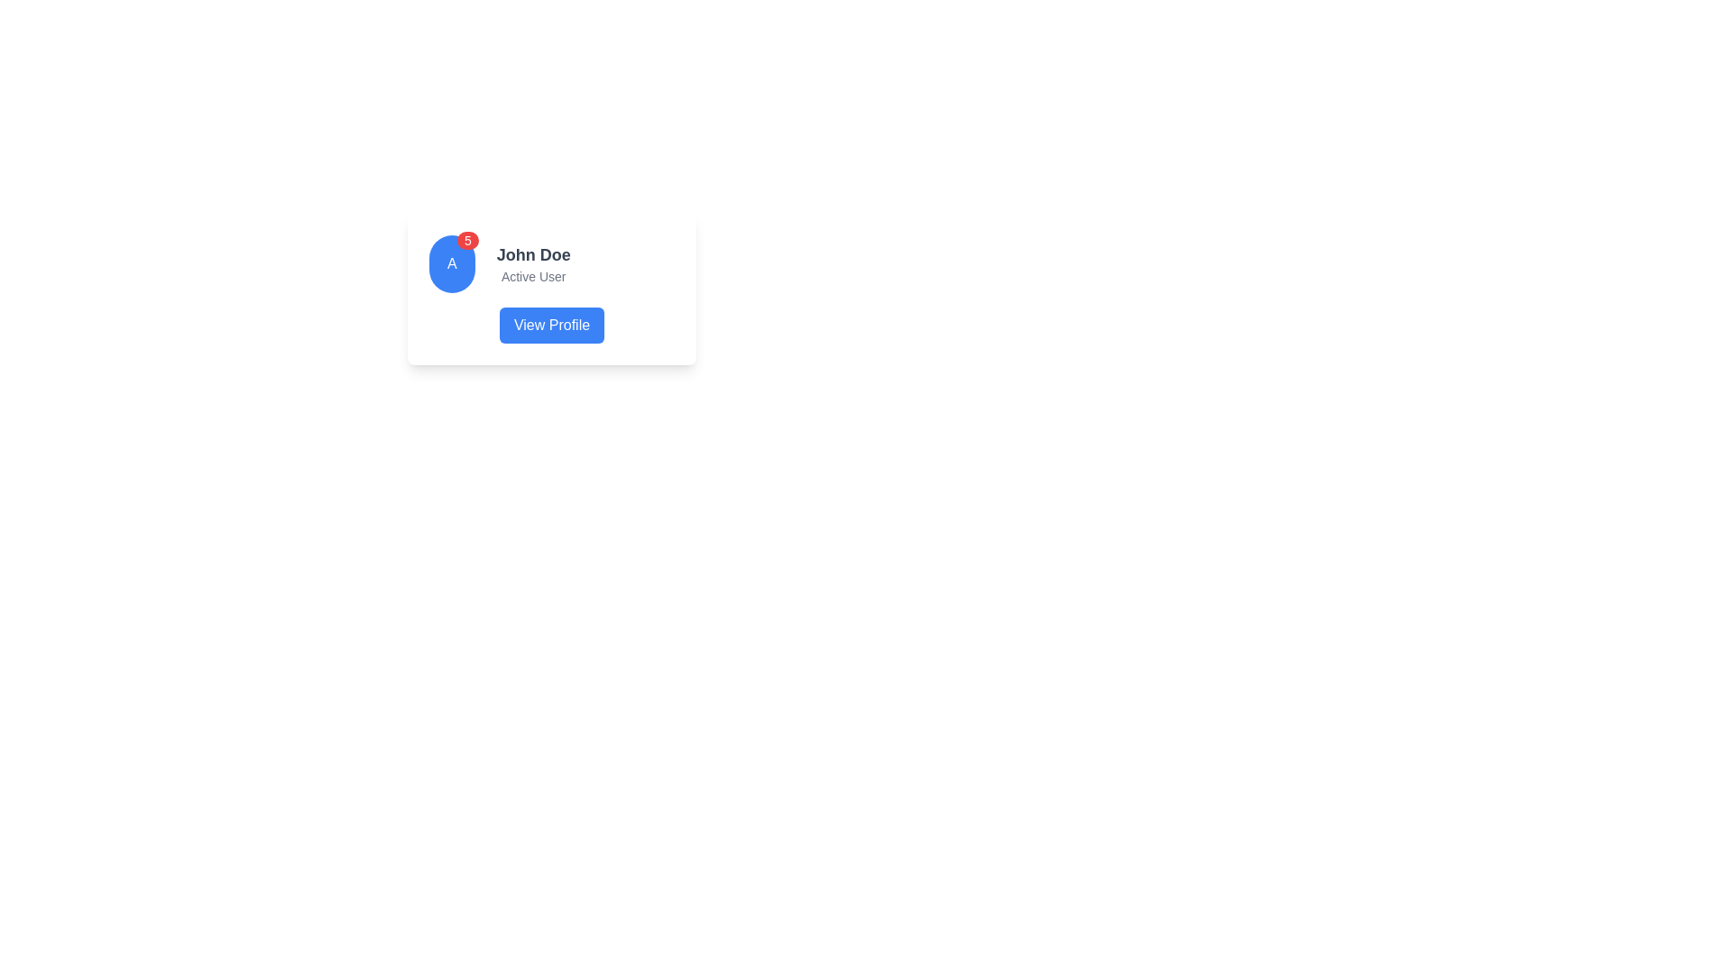  I want to click on the text label displaying 'John Doe', which is prominently featured in bold and lightly stylized font, positioned above the subtitle 'Active User' and to the right of a circular avatar image, so click(532, 254).